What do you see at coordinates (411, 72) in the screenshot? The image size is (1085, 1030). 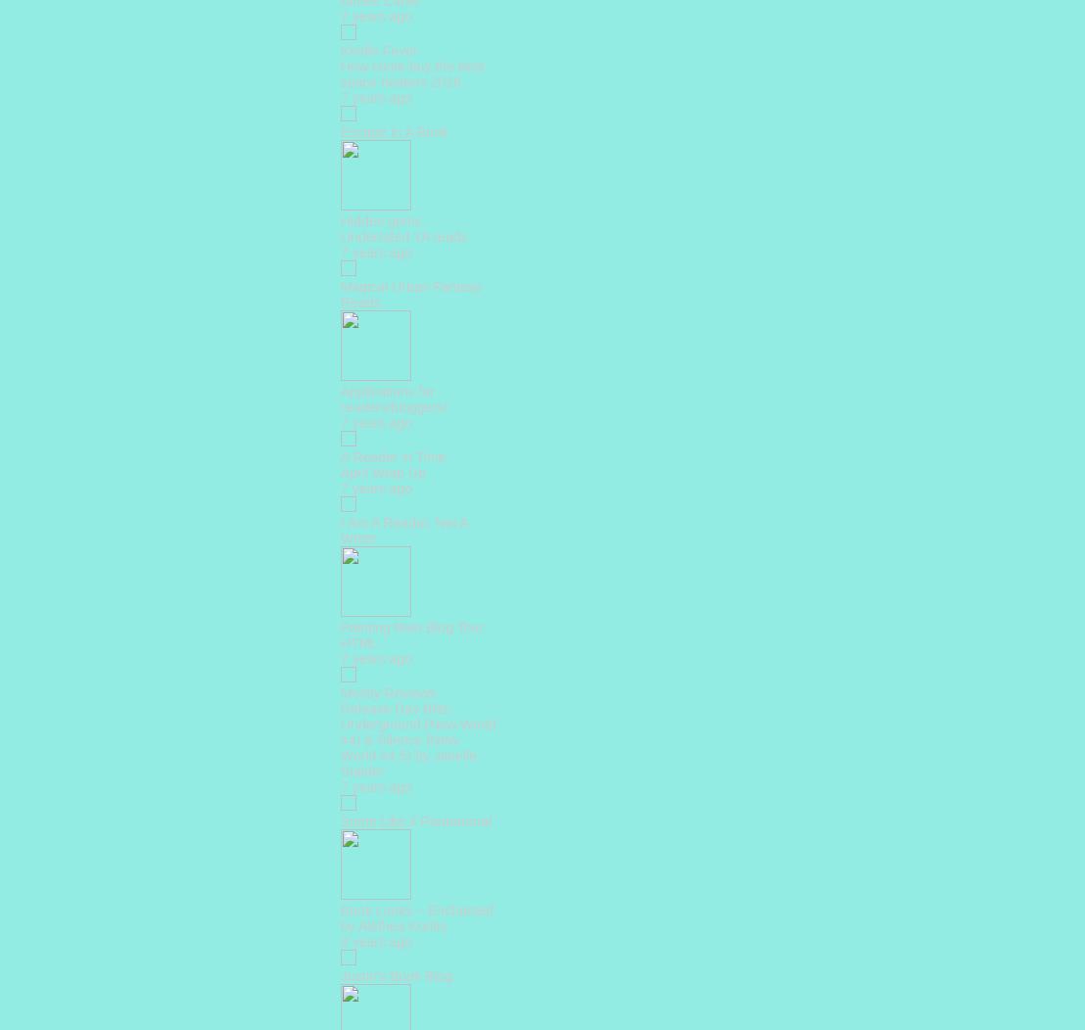 I see `'How come buy the best space heaters 2016'` at bounding box center [411, 72].